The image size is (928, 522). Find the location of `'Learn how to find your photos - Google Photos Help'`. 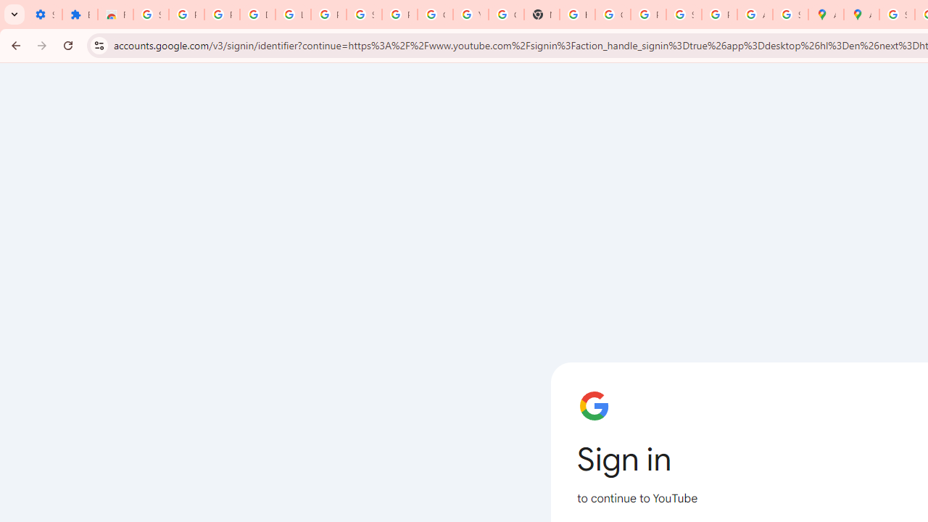

'Learn how to find your photos - Google Photos Help' is located at coordinates (292, 14).